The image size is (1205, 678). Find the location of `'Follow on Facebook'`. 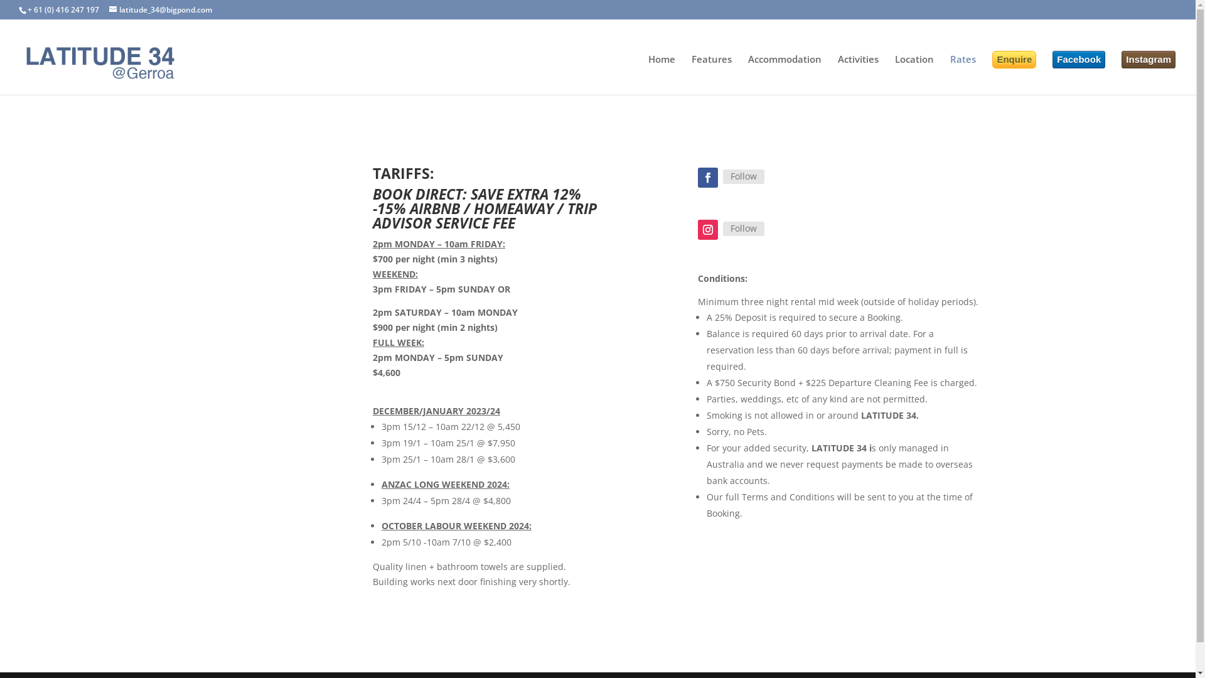

'Follow on Facebook' is located at coordinates (708, 177).